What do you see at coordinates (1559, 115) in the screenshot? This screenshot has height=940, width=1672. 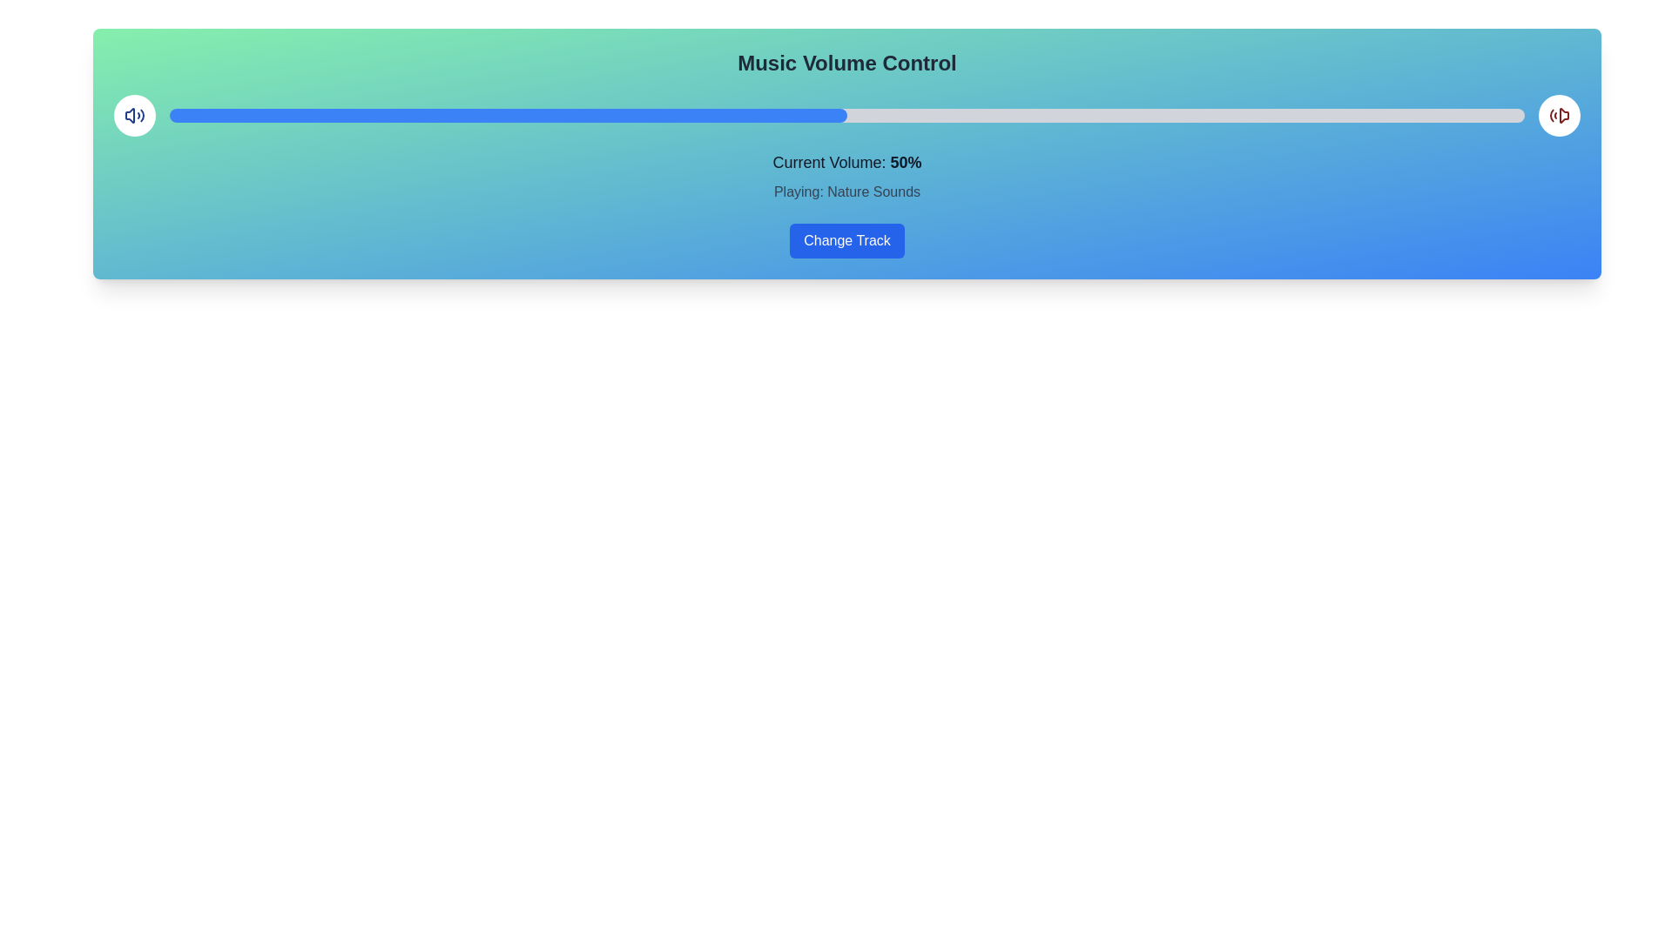 I see `the audio control icon located in the top-right corner of the interface, which is inside a circular button and adjacent to the horizontal volume bar` at bounding box center [1559, 115].